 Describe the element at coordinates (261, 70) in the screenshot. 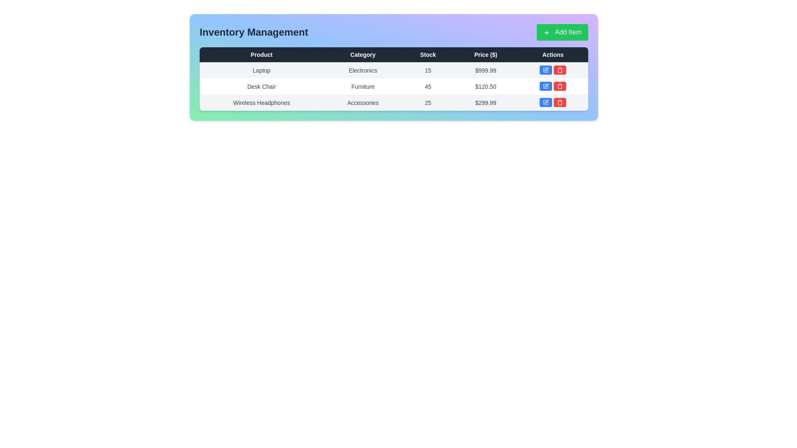

I see `the 'Laptop' text label in the 'Product' column of the table, which is styled with centered alignment and located in the second row` at that location.